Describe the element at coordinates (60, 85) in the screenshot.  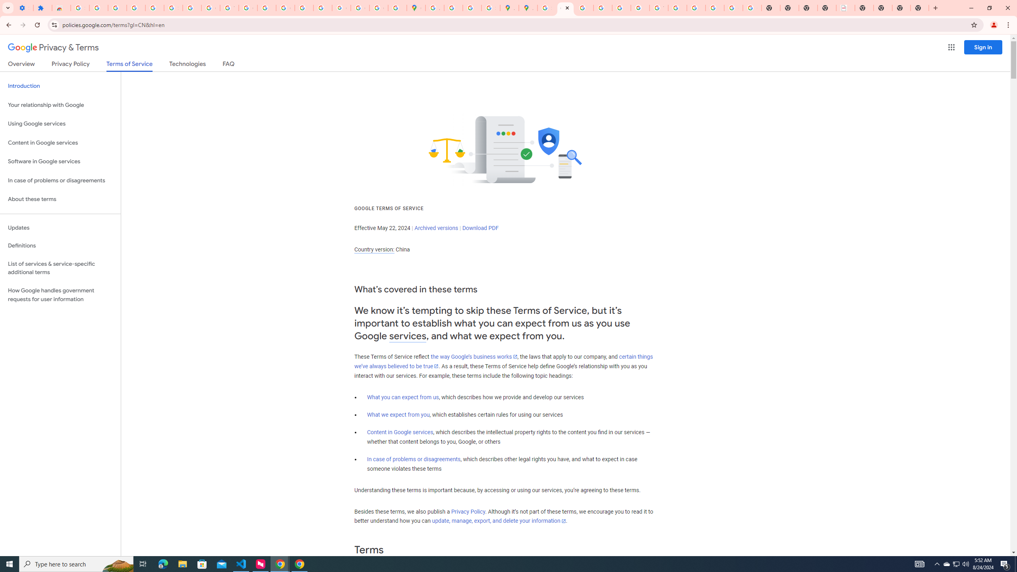
I see `'Introduction'` at that location.